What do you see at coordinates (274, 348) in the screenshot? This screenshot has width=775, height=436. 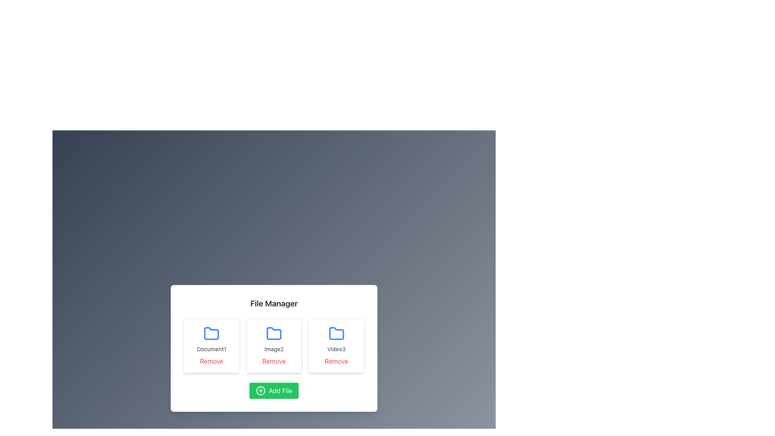 I see `the Static Text Label that provides descriptive text labeling the folder icon above it` at bounding box center [274, 348].